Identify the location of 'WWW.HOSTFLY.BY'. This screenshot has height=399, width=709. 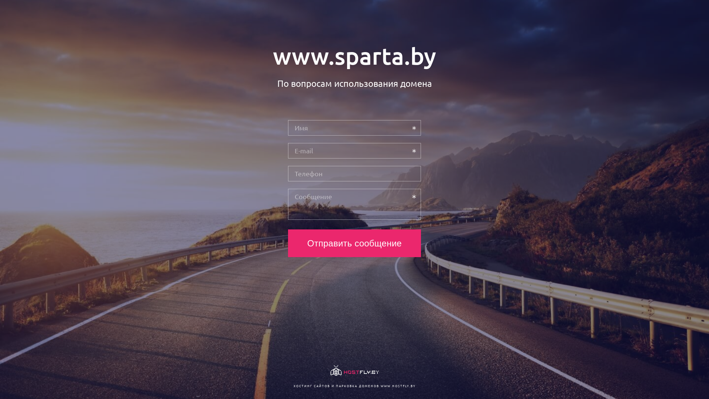
(397, 385).